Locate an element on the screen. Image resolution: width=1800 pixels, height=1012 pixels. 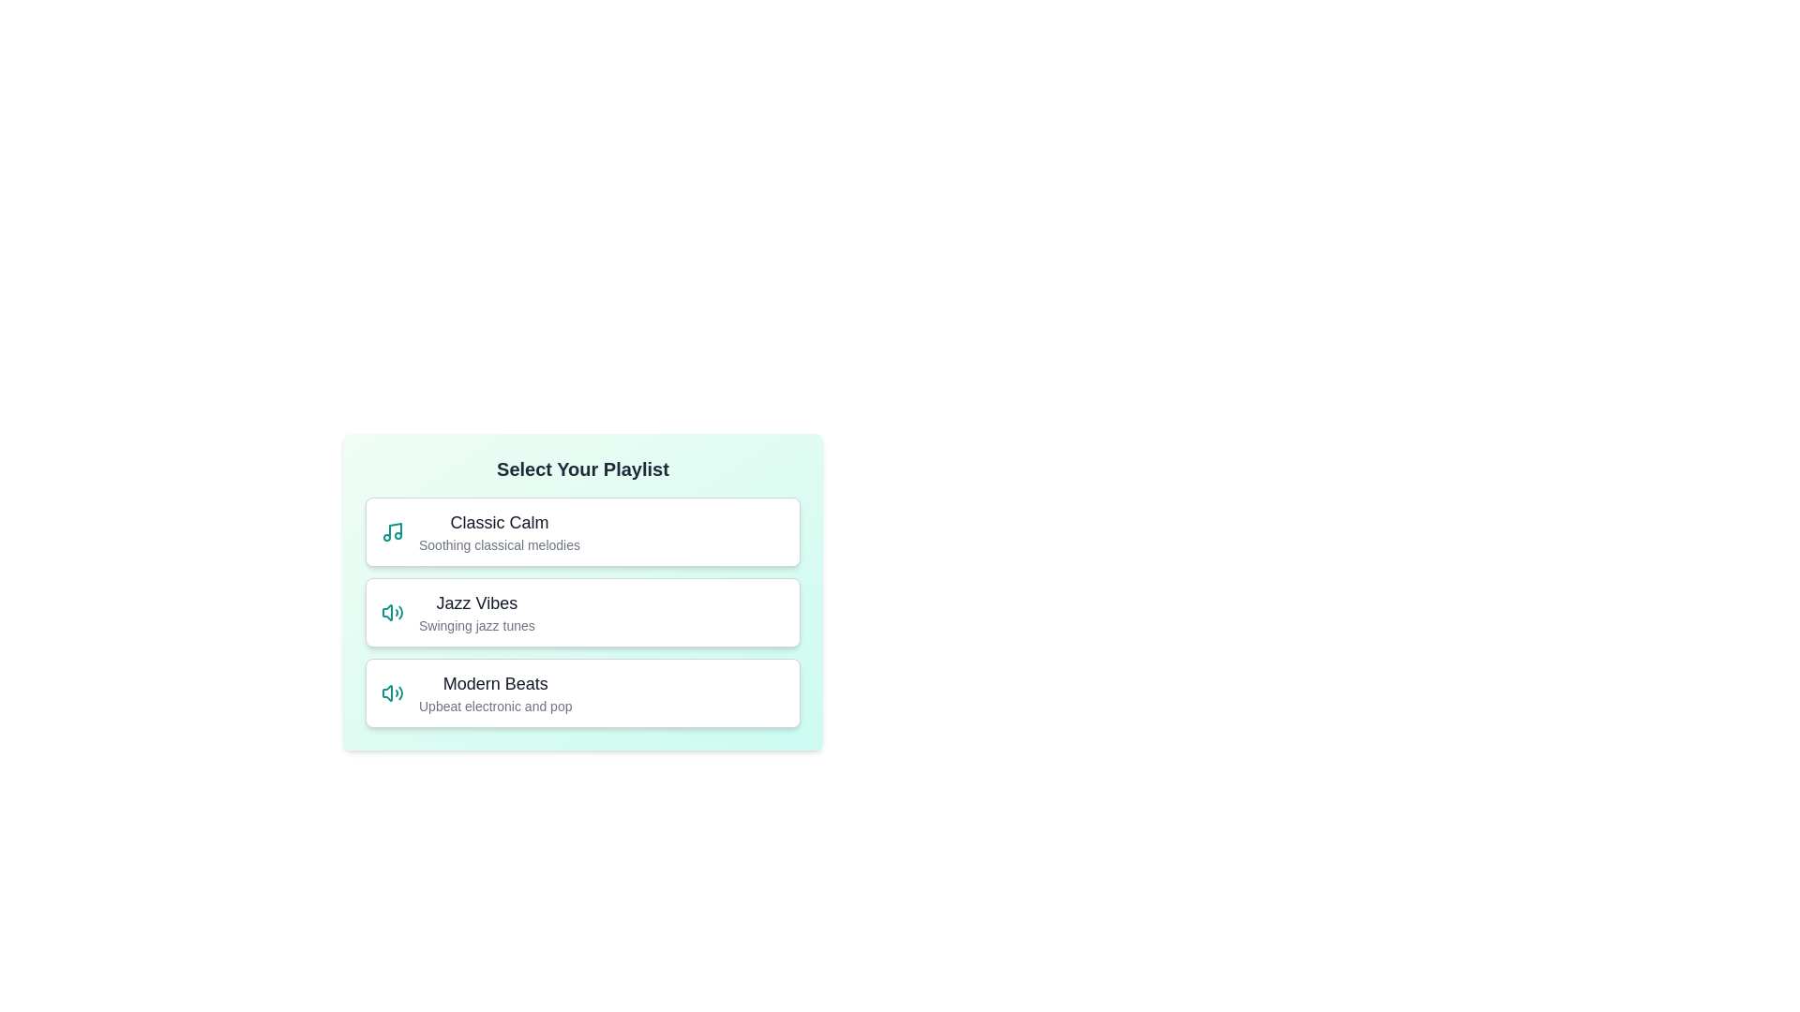
the text element displaying 'Soothing classical melodies' in small gray font, which is located beneath the heading 'Classic Calm' in the playlist selection box is located at coordinates (499, 545).